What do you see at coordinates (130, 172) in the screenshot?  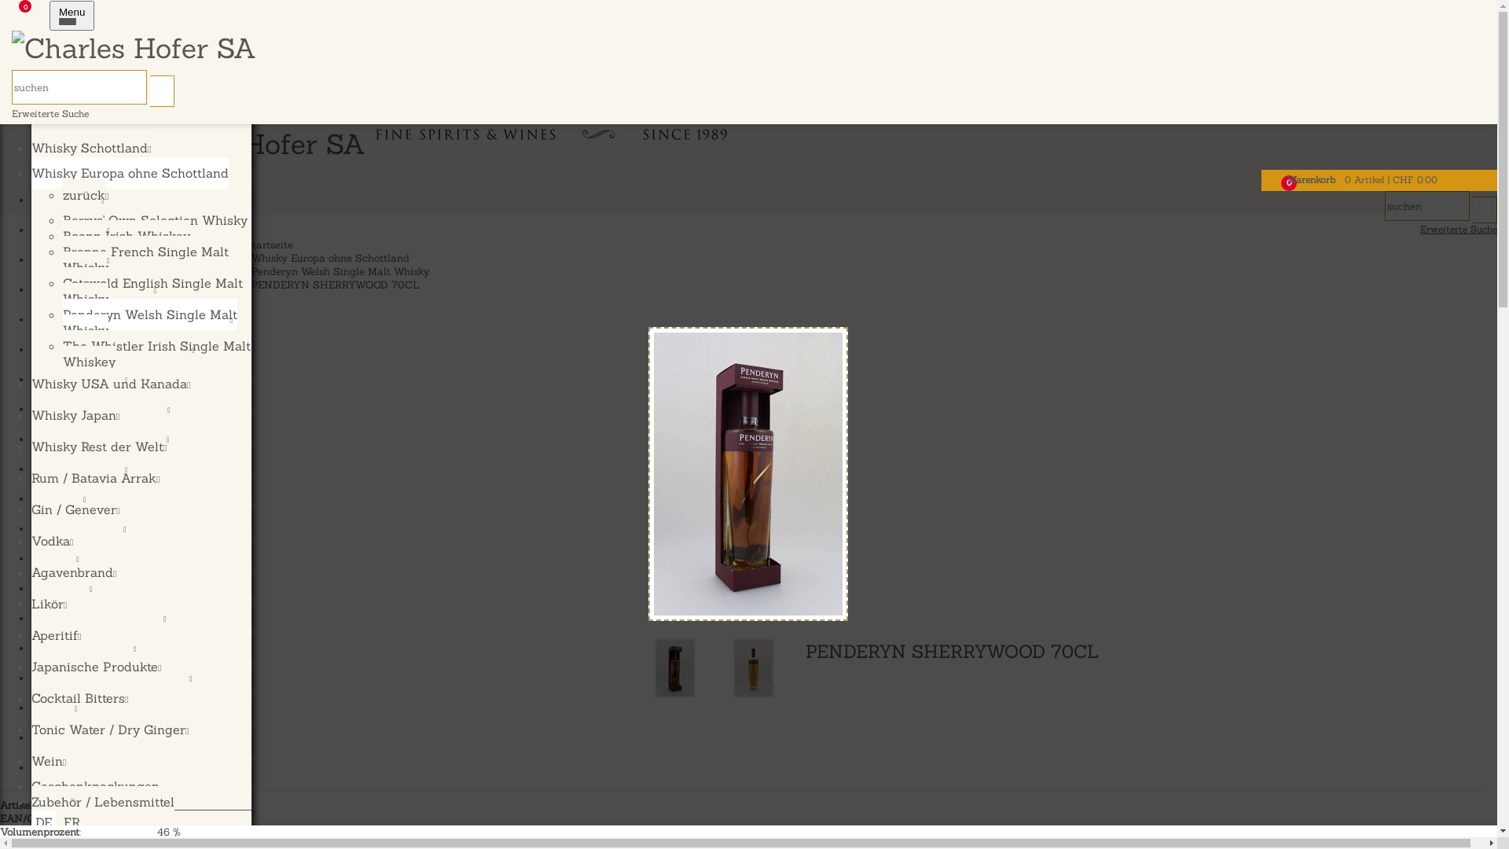 I see `'Whisky Europa ohne Schottland'` at bounding box center [130, 172].